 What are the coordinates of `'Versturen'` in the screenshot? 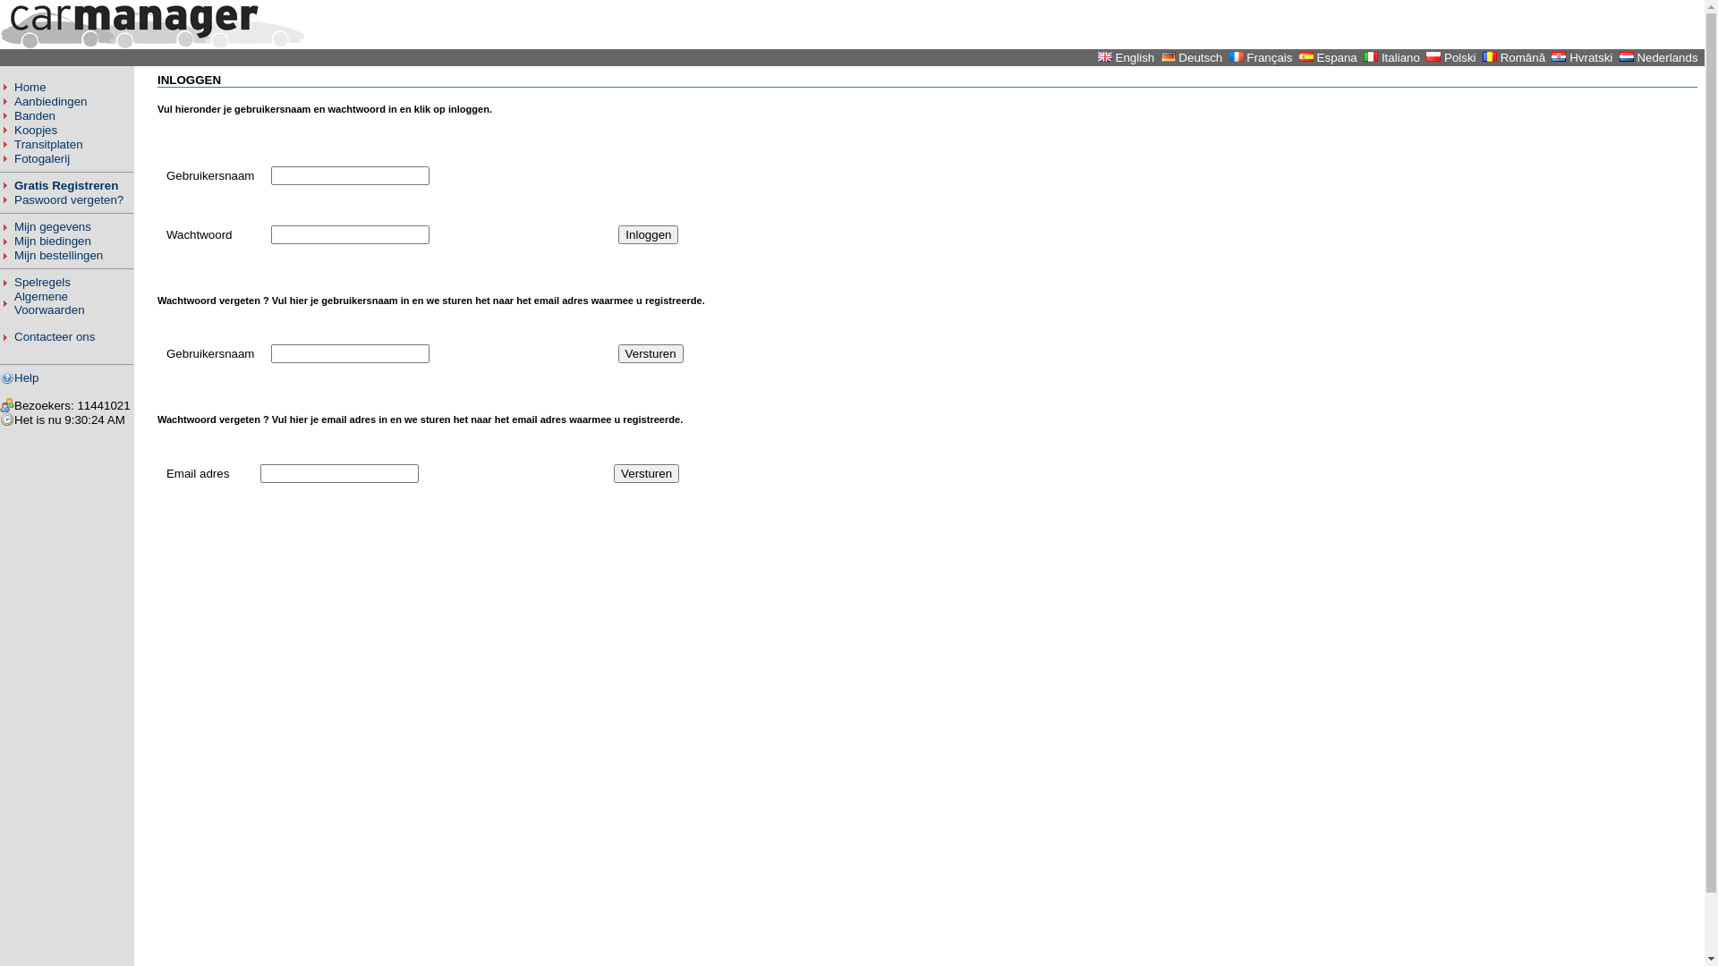 It's located at (614, 472).